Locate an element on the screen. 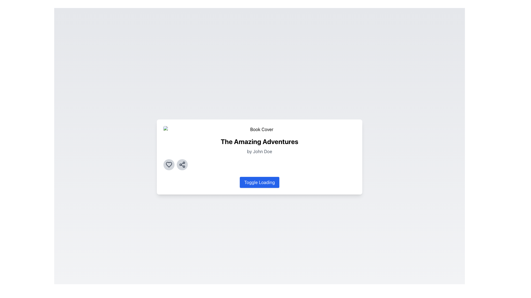  the heart-shaped 'like' icon outlined in dark gray, located as the leftmost element in the row of buttons below the title 'The Amazing Adventures' is located at coordinates (169, 164).